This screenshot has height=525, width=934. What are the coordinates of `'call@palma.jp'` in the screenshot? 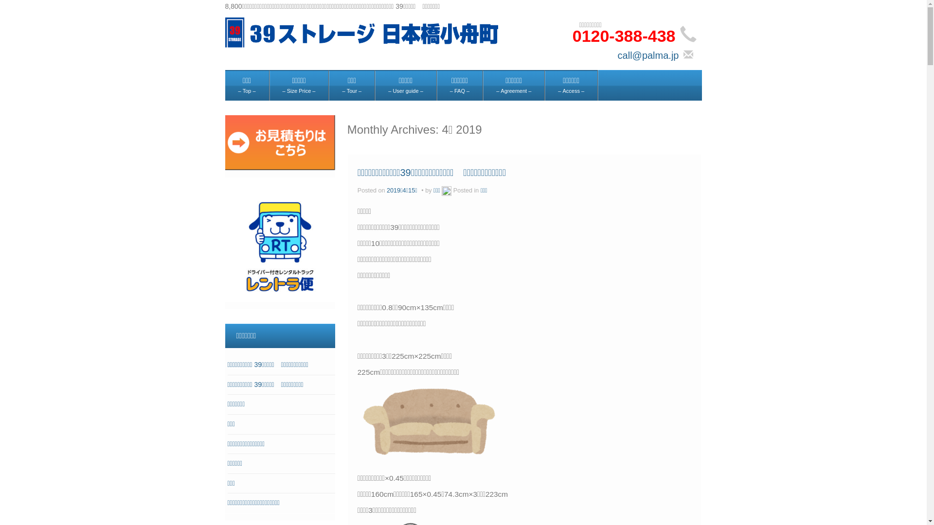 It's located at (648, 55).